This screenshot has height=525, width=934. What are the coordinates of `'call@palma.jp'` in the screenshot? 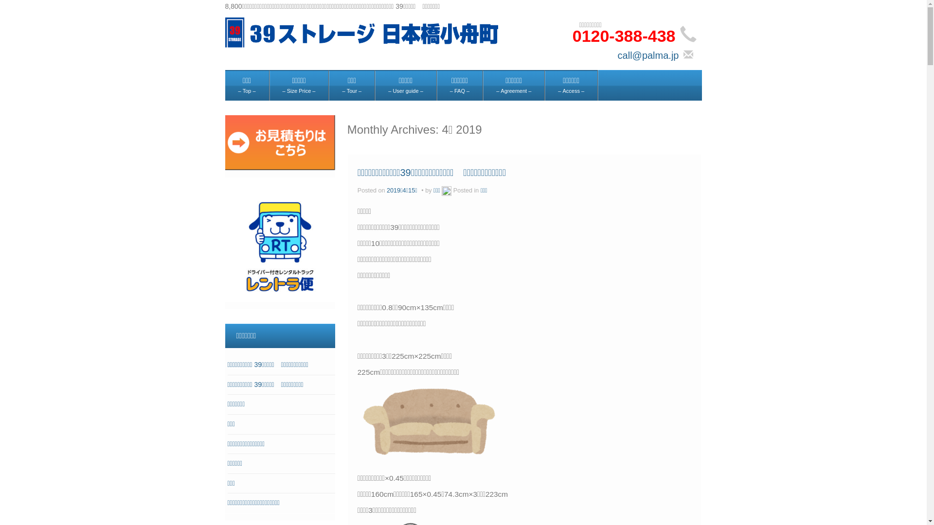 It's located at (648, 55).